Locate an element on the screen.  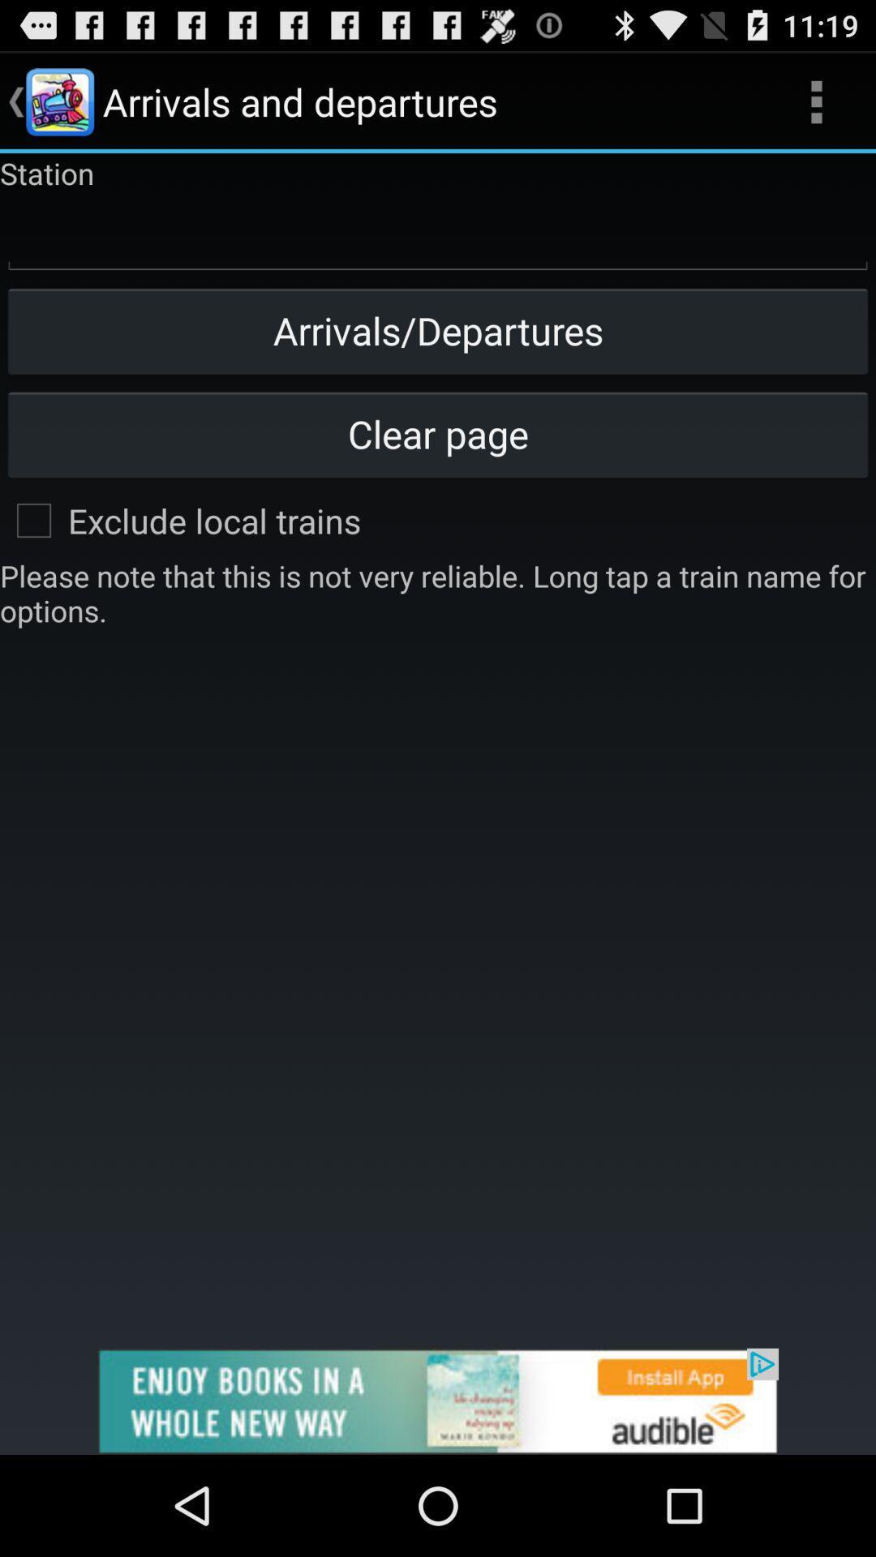
visit advertisement is located at coordinates (438, 1400).